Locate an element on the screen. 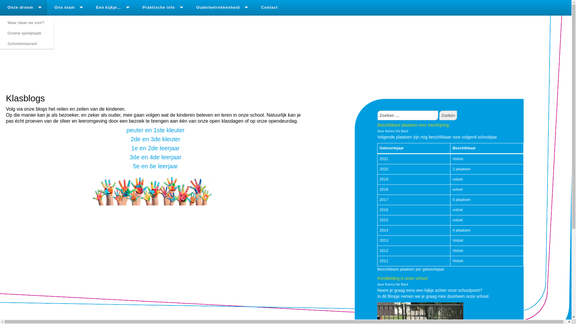 The width and height of the screenshot is (576, 324). 'Ons team' is located at coordinates (67, 8).